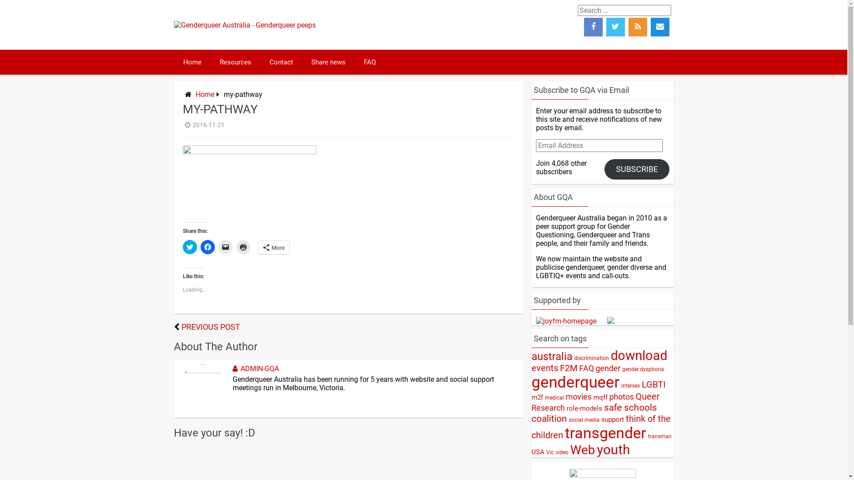 The width and height of the screenshot is (854, 480). Describe the element at coordinates (584, 27) in the screenshot. I see `'Facebook'` at that location.